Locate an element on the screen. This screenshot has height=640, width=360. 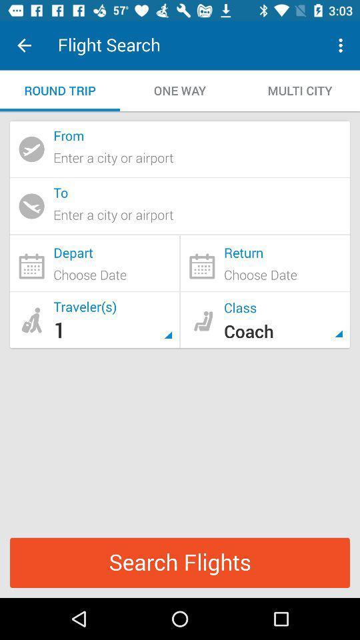
the multi city option is located at coordinates (299, 90).